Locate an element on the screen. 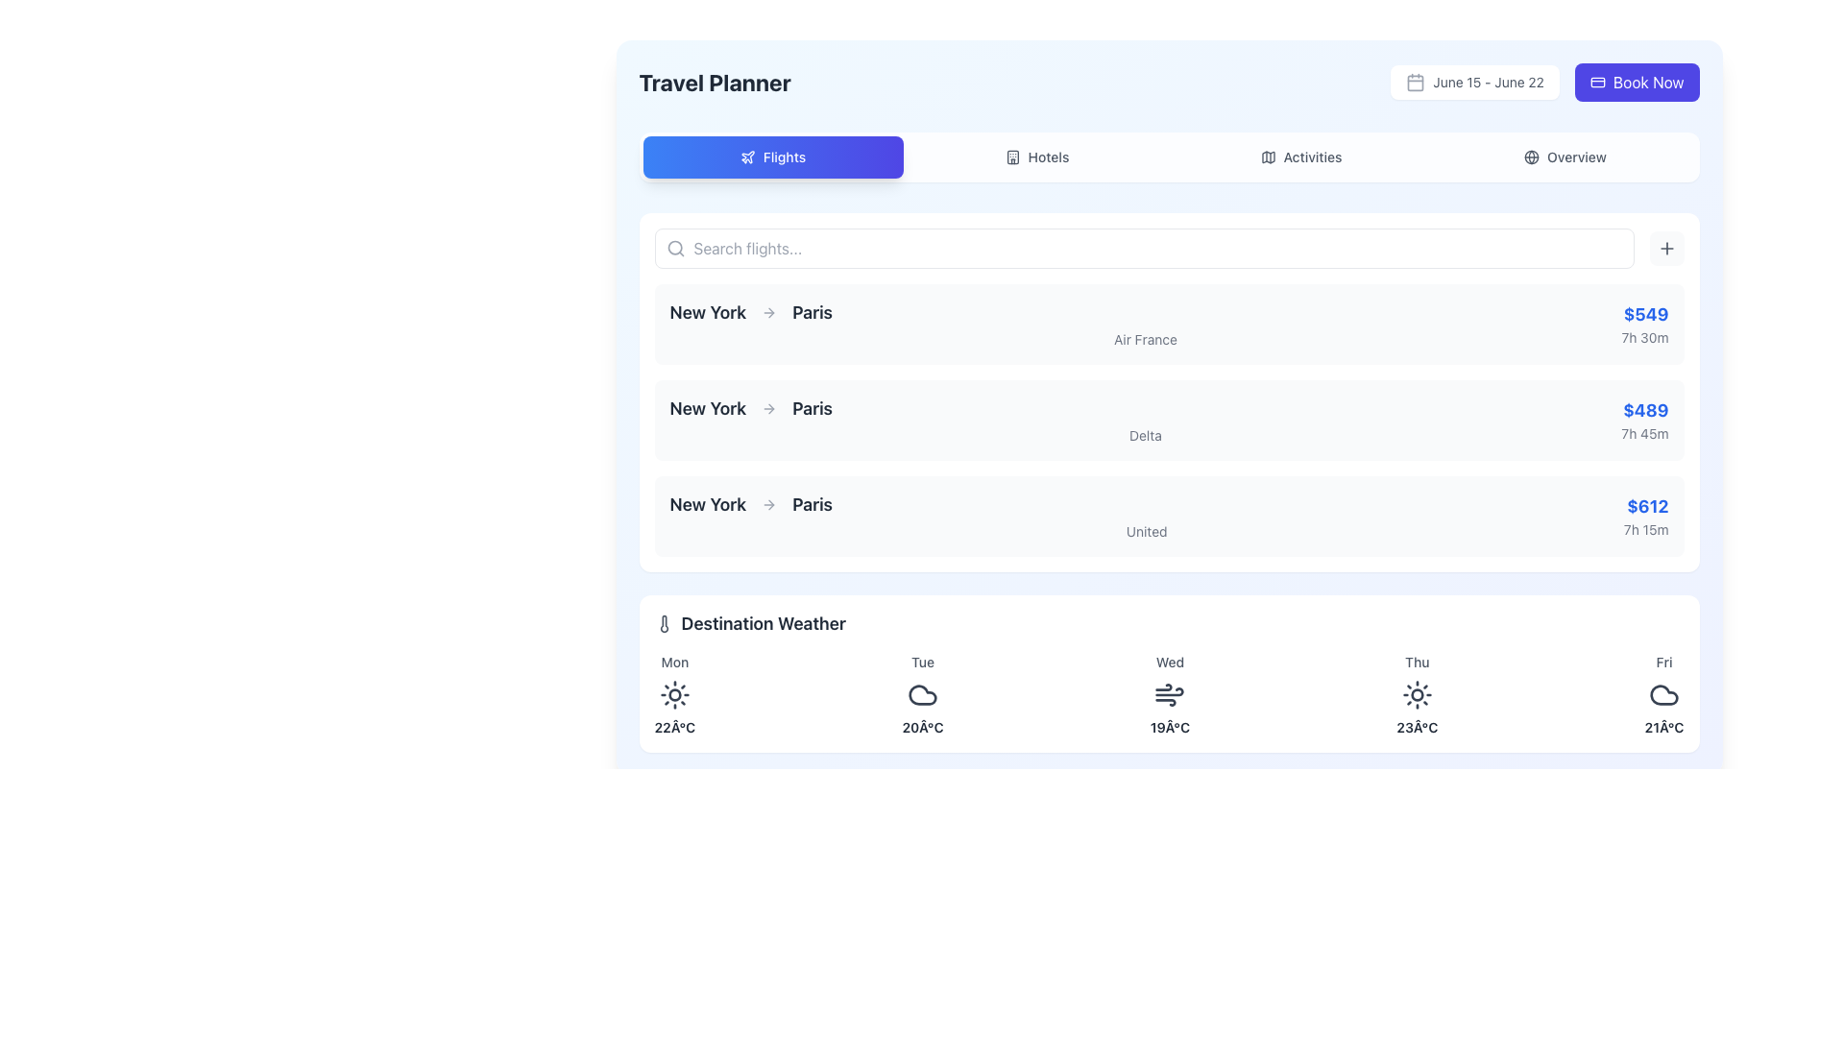  the bold text displaying the price '$612' in blue color, located in the third column of the flight options section for 'United' is located at coordinates (1645, 506).